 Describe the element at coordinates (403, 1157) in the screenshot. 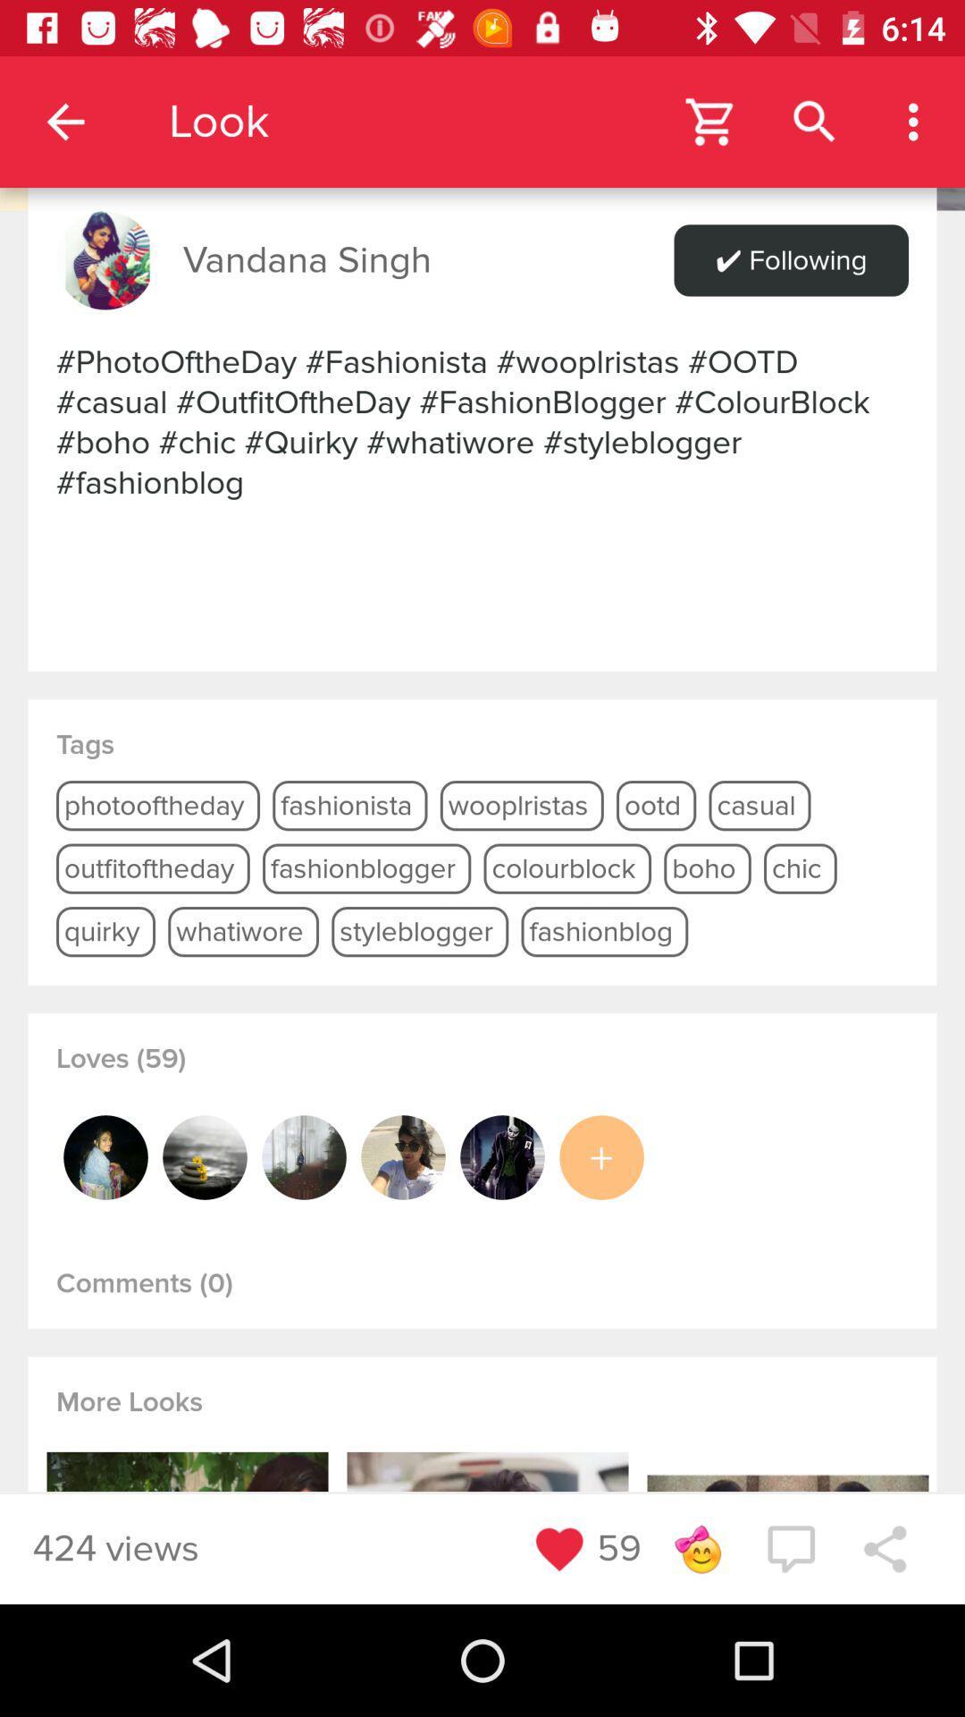

I see `open profile` at that location.